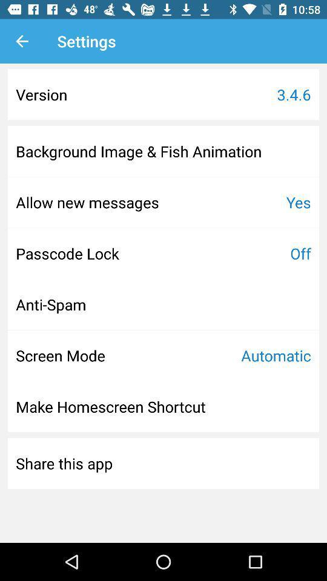  What do you see at coordinates (293, 94) in the screenshot?
I see `icon next to version icon` at bounding box center [293, 94].